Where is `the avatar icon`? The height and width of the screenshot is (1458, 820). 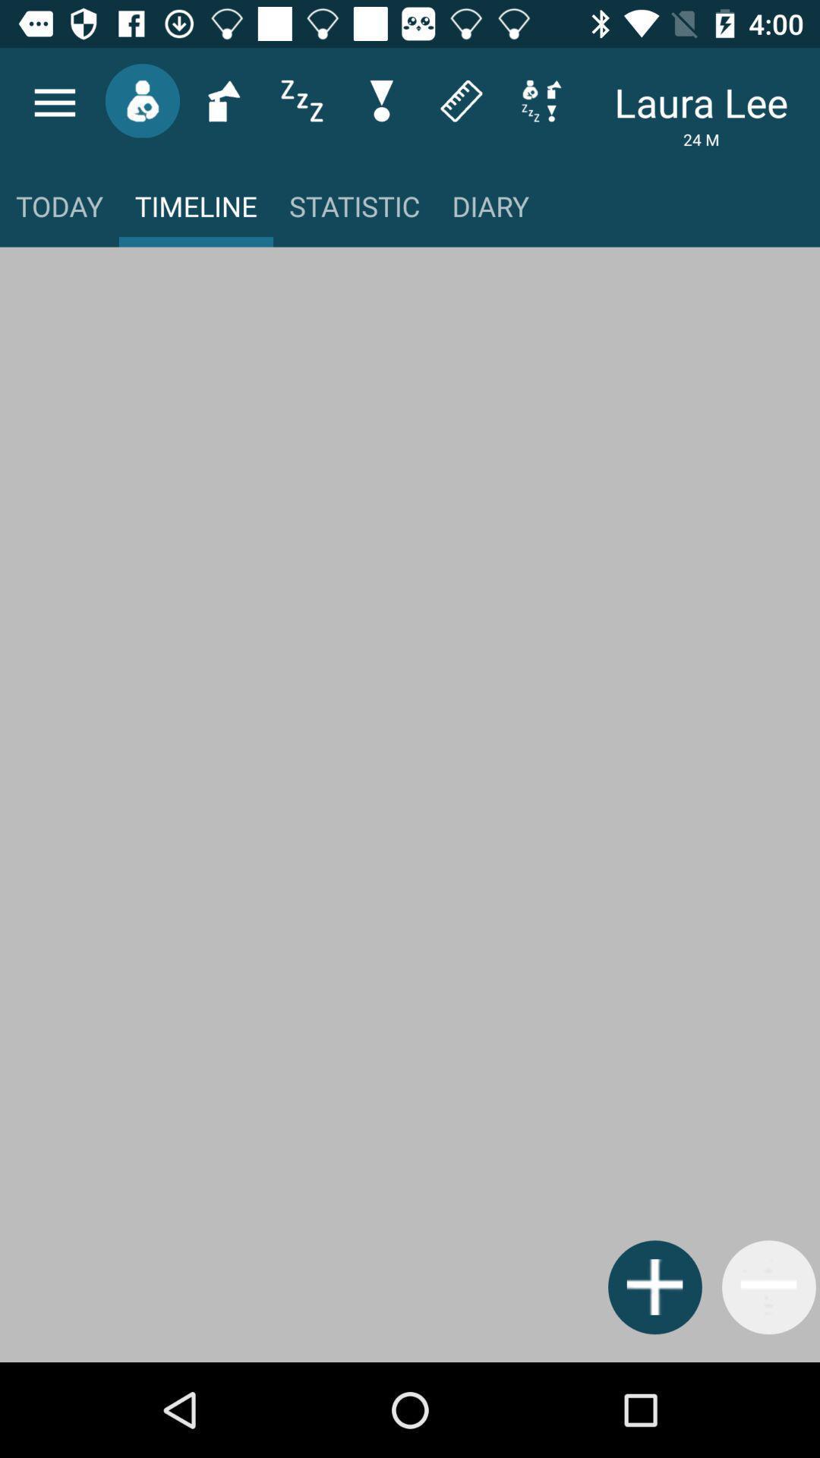
the avatar icon is located at coordinates (142, 99).